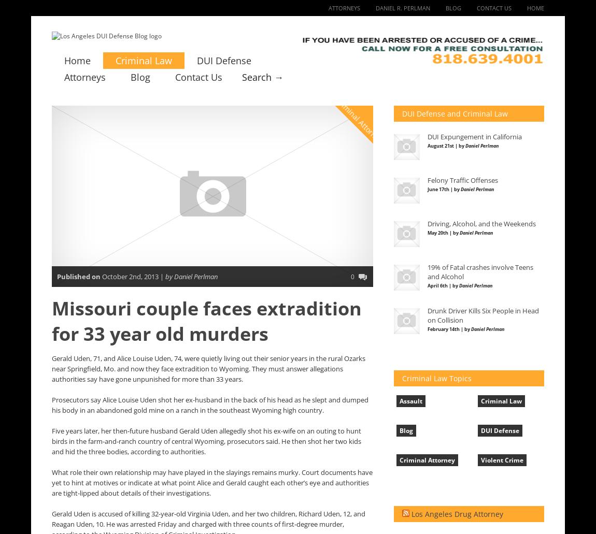 The width and height of the screenshot is (596, 534). I want to click on 'Blog', so click(405, 430).